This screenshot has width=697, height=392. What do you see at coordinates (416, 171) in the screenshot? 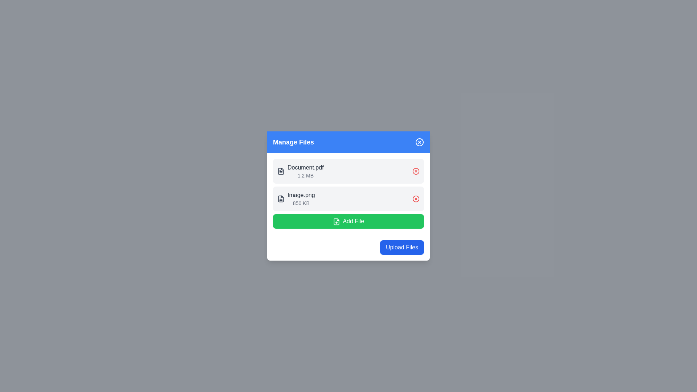
I see `the 'delete' button for the file 'Document.pdf'` at bounding box center [416, 171].